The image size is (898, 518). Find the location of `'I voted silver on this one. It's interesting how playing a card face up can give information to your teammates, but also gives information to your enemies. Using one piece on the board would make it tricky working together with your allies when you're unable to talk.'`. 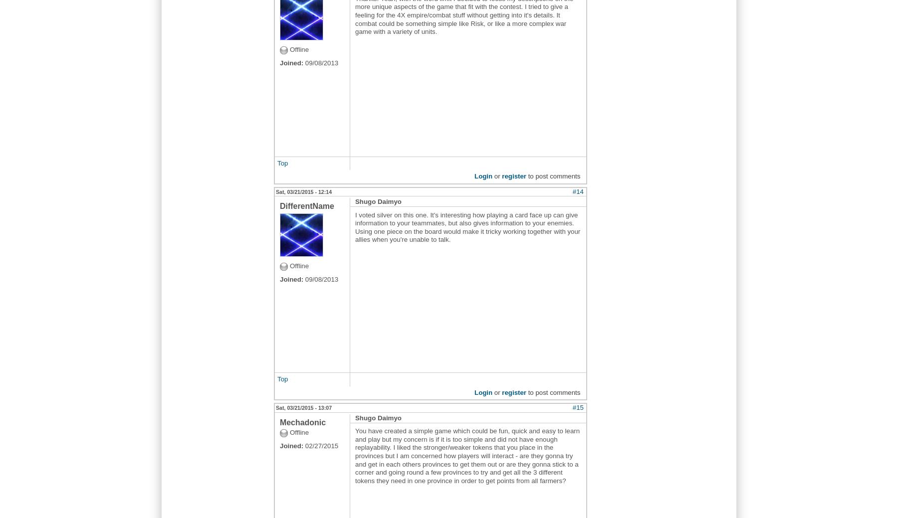

'I voted silver on this one. It's interesting how playing a card face up can give information to your teammates, but also gives information to your enemies. Using one piece on the board would make it tricky working together with your allies when you're unable to talk.' is located at coordinates (467, 226).